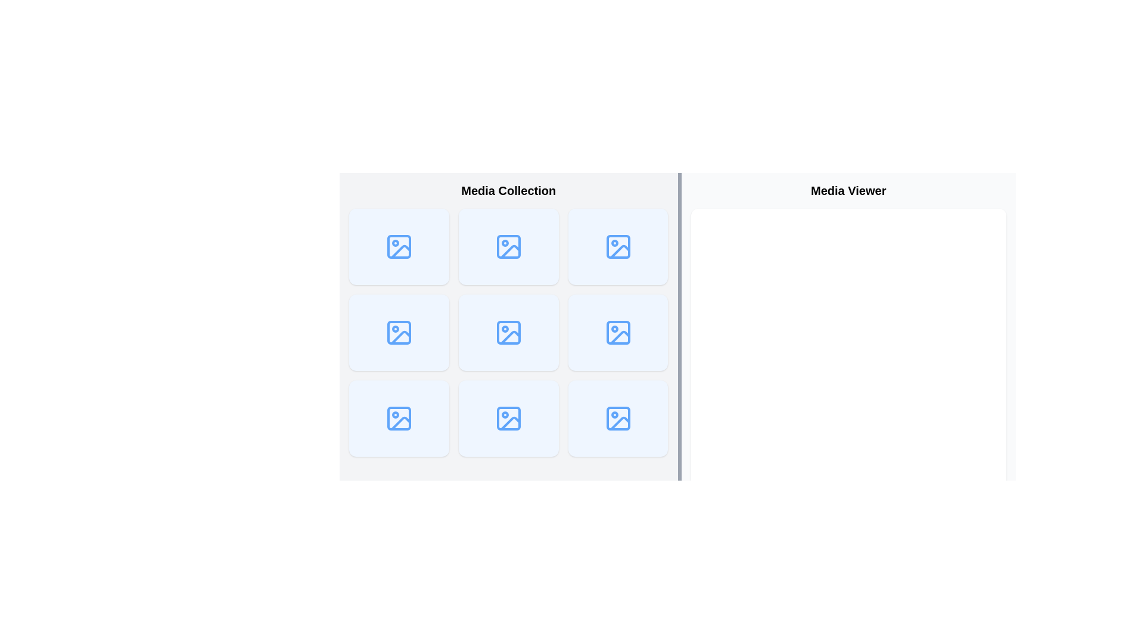 This screenshot has height=644, width=1144. What do you see at coordinates (399, 333) in the screenshot?
I see `the icon representing a media or gallery functionality, located in the fourth position of a 3x3 grid under the 'Media Collection' header` at bounding box center [399, 333].